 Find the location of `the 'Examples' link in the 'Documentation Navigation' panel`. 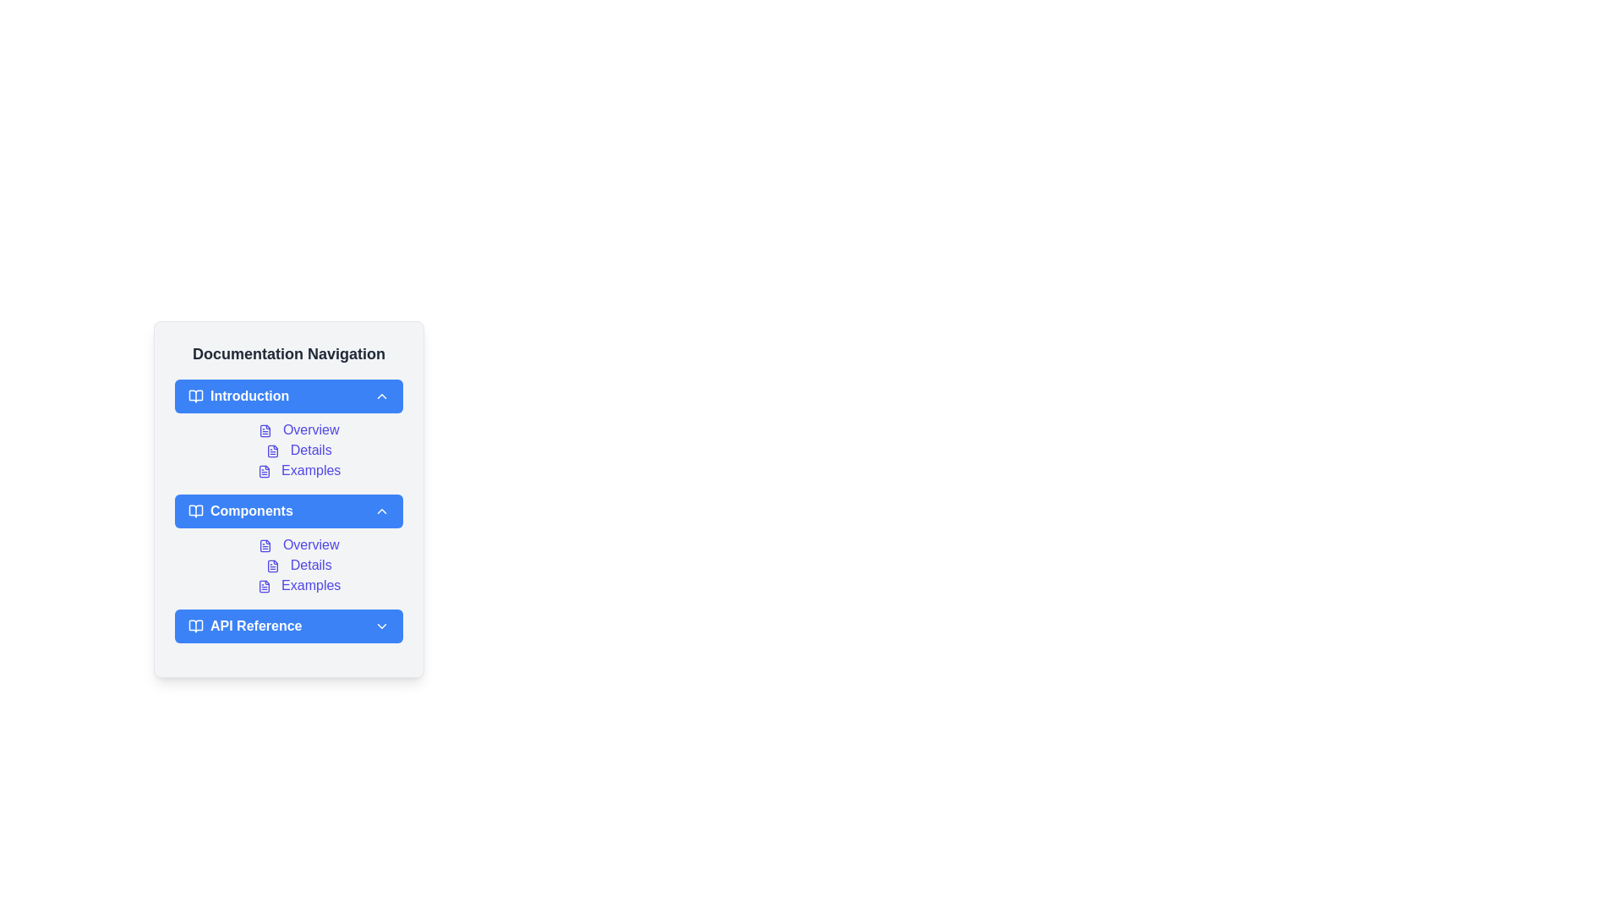

the 'Examples' link in the 'Documentation Navigation' panel is located at coordinates (299, 585).